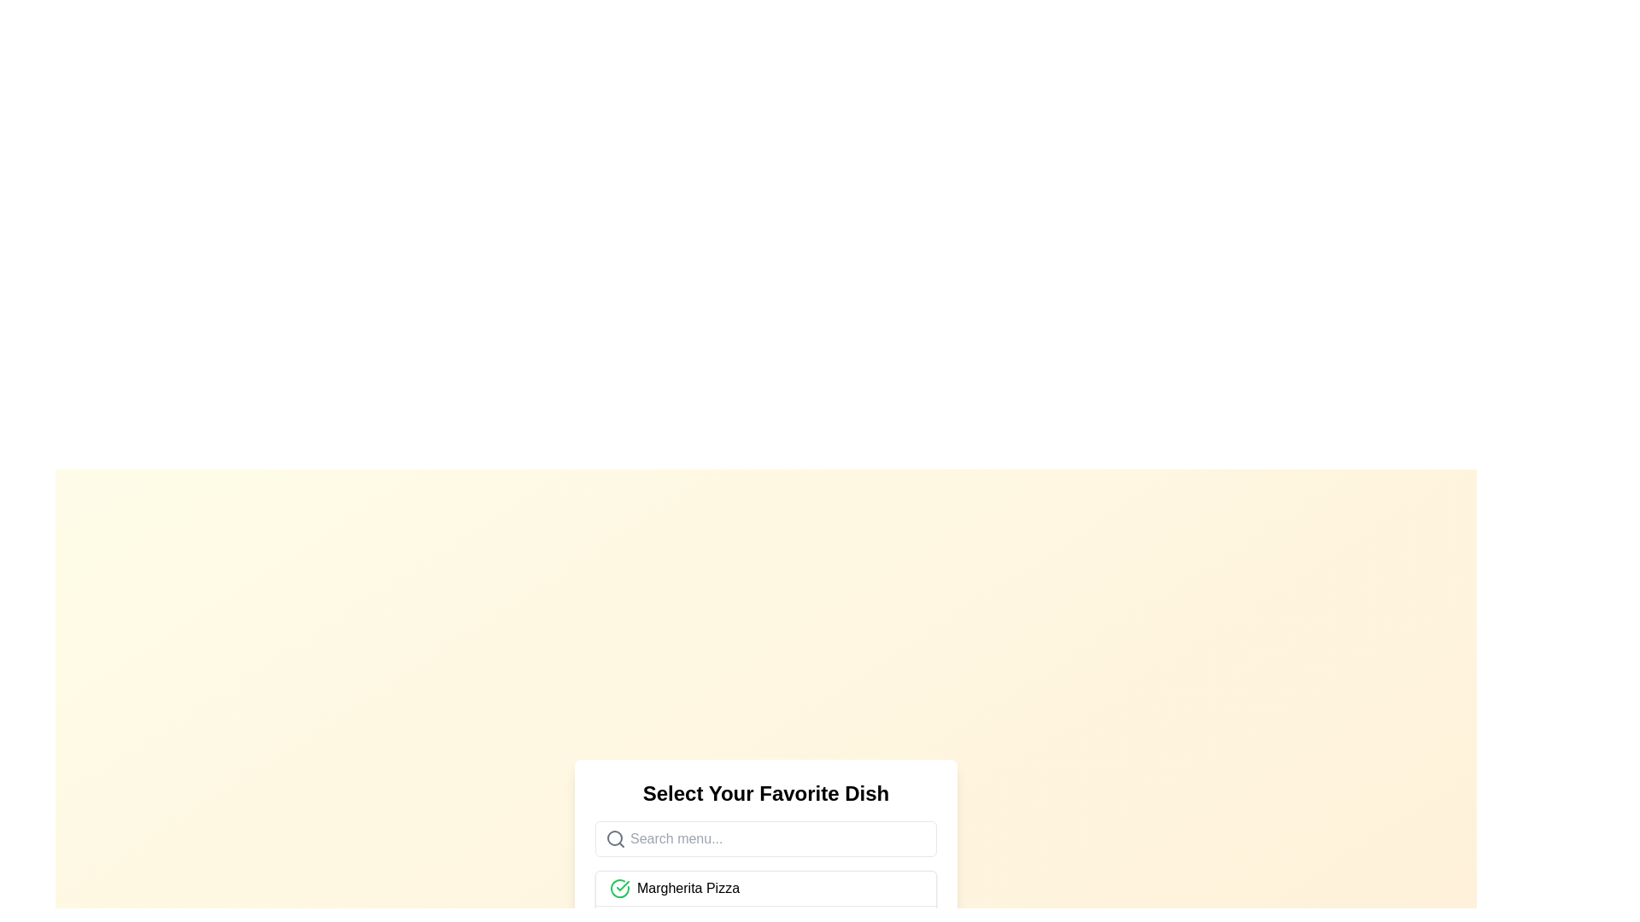  I want to click on the central circular shape of the magnifying glass icon located to the left of the search bar's placeholder text 'Search menu...', so click(615, 837).